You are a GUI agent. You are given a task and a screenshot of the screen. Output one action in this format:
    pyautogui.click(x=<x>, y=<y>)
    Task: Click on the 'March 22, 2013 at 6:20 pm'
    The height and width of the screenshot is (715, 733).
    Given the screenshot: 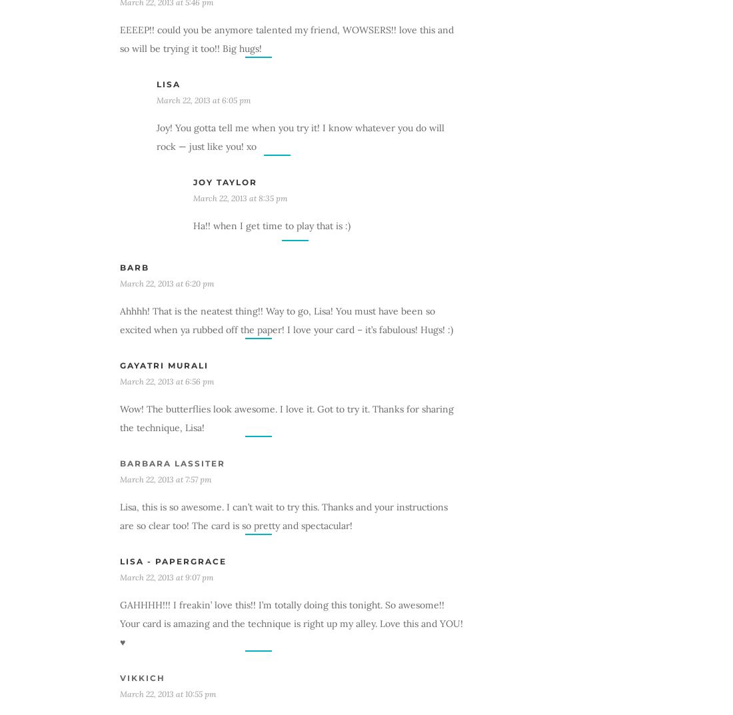 What is the action you would take?
    pyautogui.click(x=119, y=283)
    